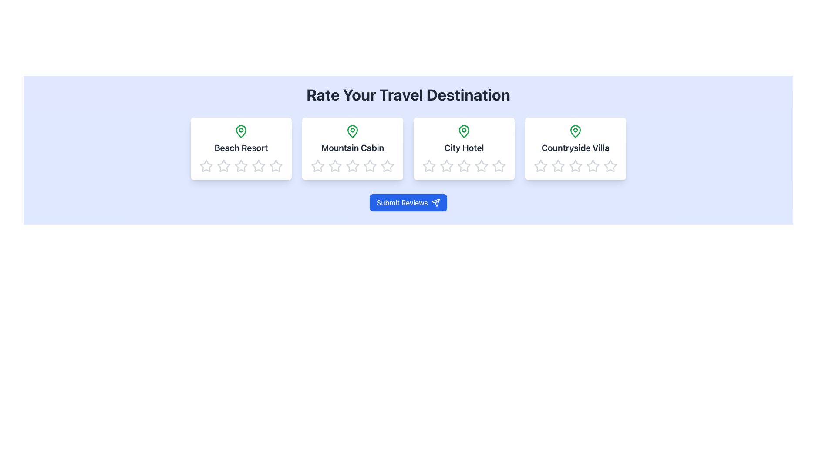 This screenshot has width=836, height=470. Describe the element at coordinates (353, 166) in the screenshot. I see `the star icon in the Rating component below the label 'Mountain Cabin'` at that location.